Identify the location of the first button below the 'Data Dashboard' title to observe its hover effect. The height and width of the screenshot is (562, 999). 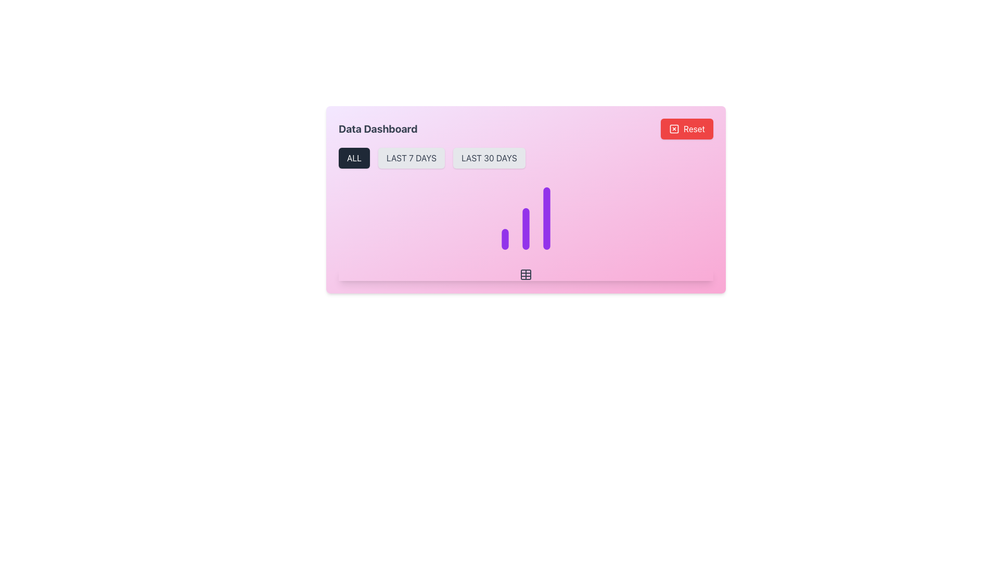
(354, 158).